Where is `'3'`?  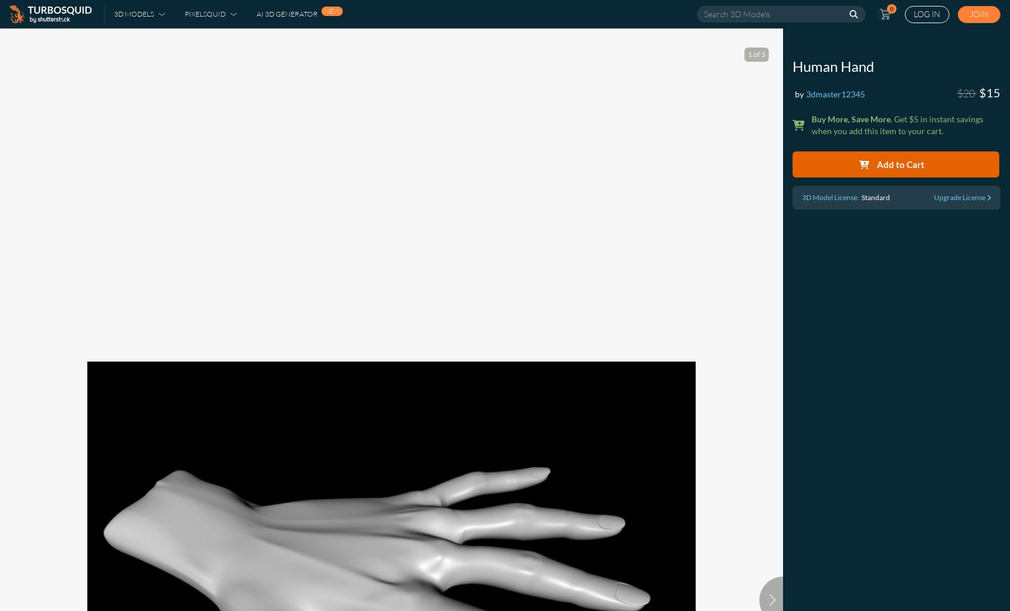 '3' is located at coordinates (763, 53).